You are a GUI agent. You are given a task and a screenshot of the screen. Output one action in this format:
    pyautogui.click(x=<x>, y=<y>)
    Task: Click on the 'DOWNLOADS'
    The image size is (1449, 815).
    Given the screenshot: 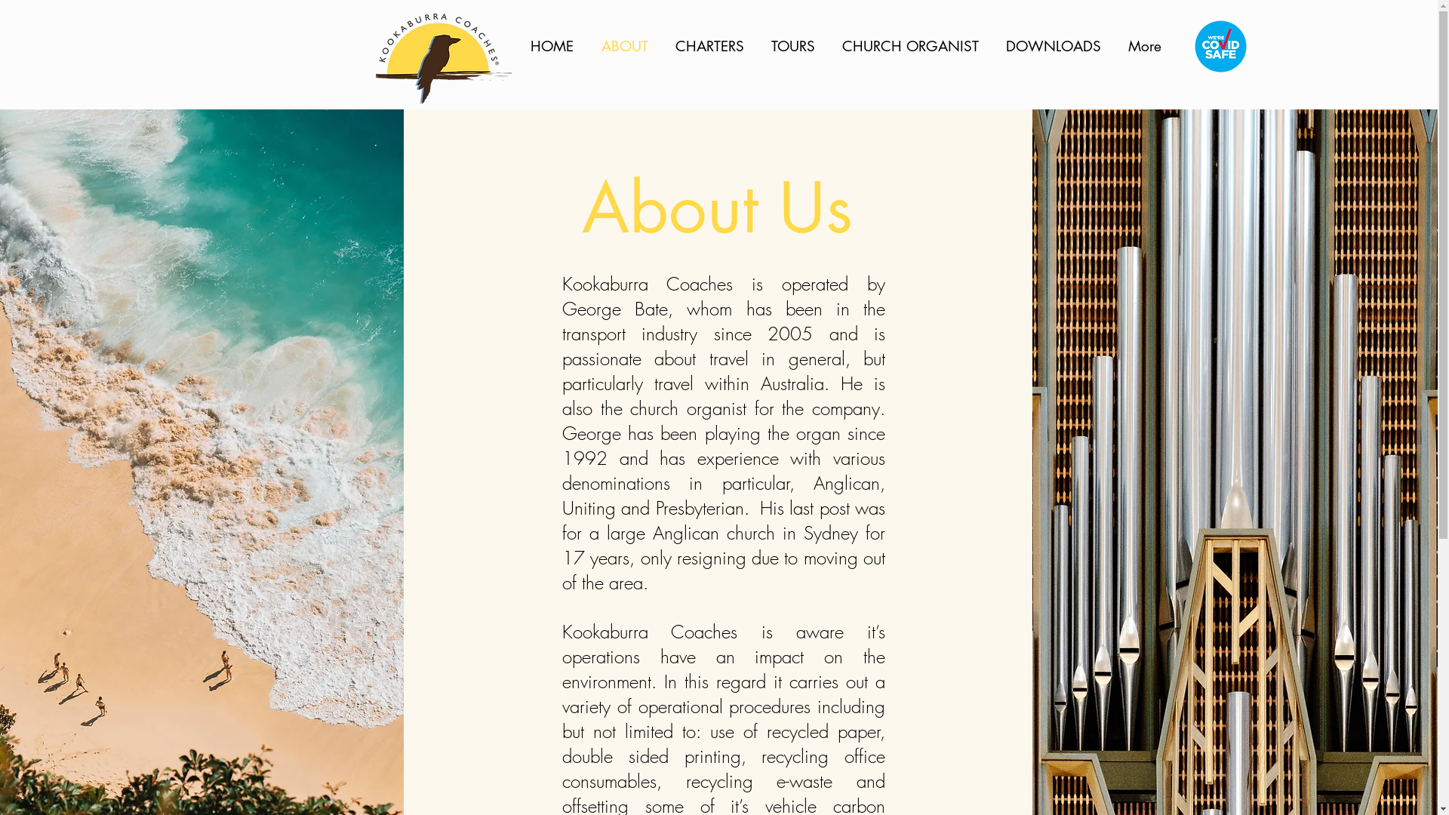 What is the action you would take?
    pyautogui.click(x=1054, y=45)
    